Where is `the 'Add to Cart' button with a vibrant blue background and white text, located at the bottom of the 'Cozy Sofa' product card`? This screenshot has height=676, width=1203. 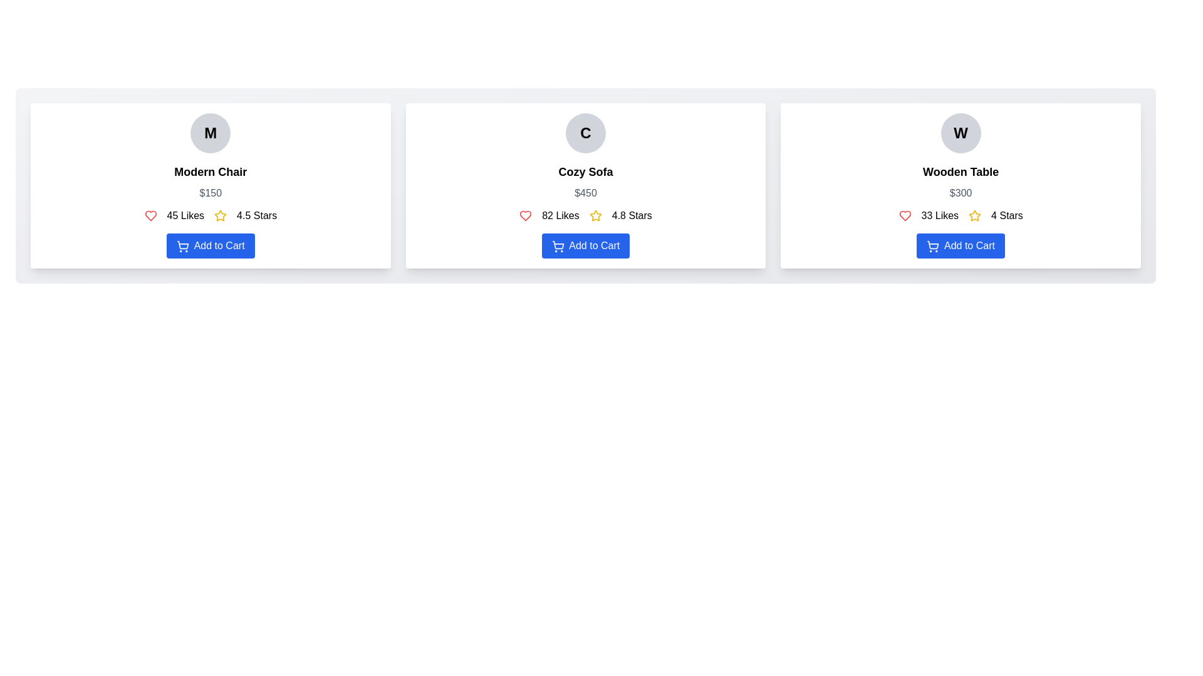
the 'Add to Cart' button with a vibrant blue background and white text, located at the bottom of the 'Cozy Sofa' product card is located at coordinates (585, 246).